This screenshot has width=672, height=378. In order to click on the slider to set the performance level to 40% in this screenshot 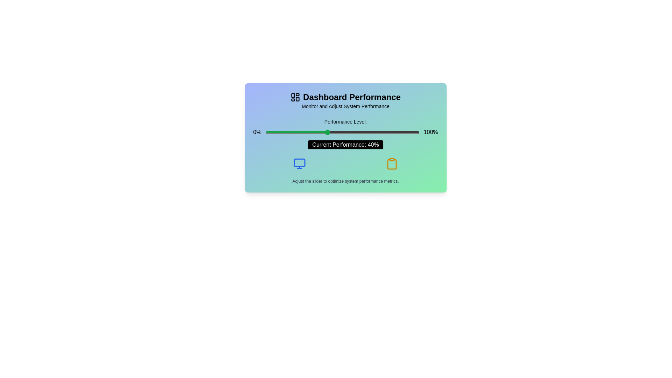, I will do `click(327, 132)`.